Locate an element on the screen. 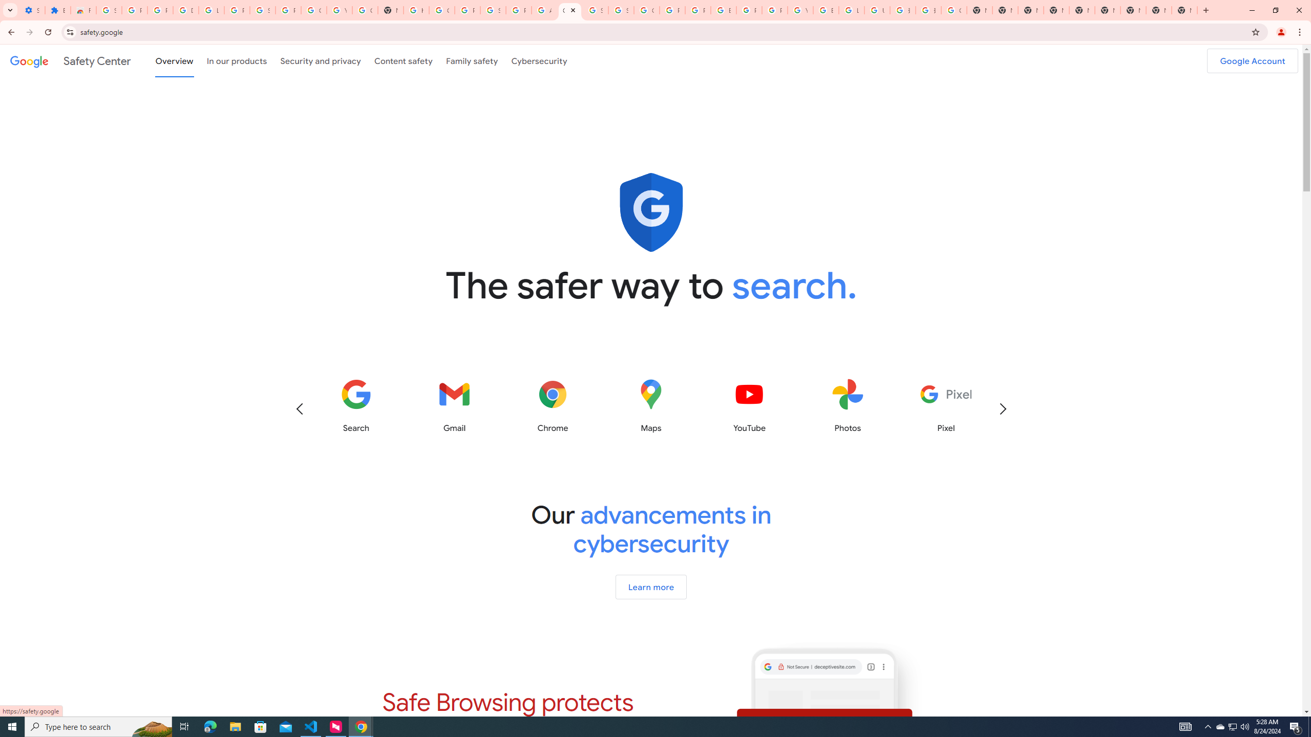 The width and height of the screenshot is (1311, 737). 'Learn how to find your photos - Google Photos Help' is located at coordinates (211, 10).